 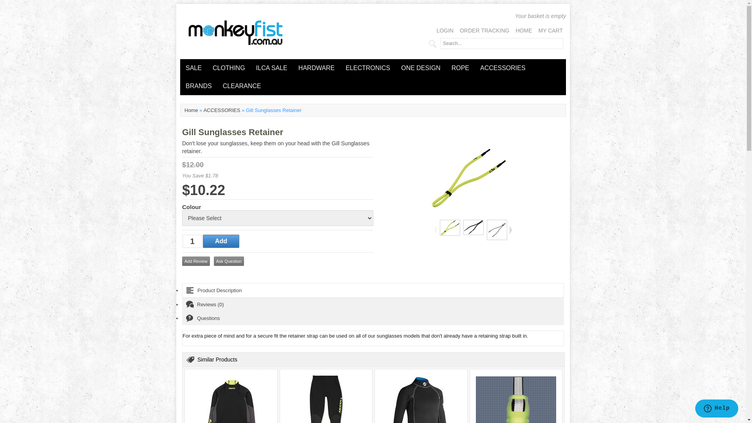 What do you see at coordinates (445, 30) in the screenshot?
I see `'LOGIN'` at bounding box center [445, 30].